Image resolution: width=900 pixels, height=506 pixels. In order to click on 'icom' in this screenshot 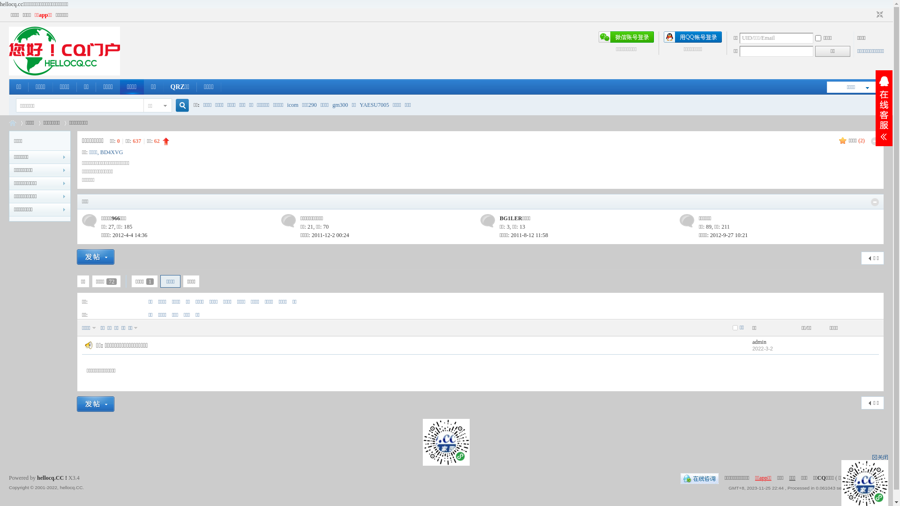, I will do `click(292, 104)`.